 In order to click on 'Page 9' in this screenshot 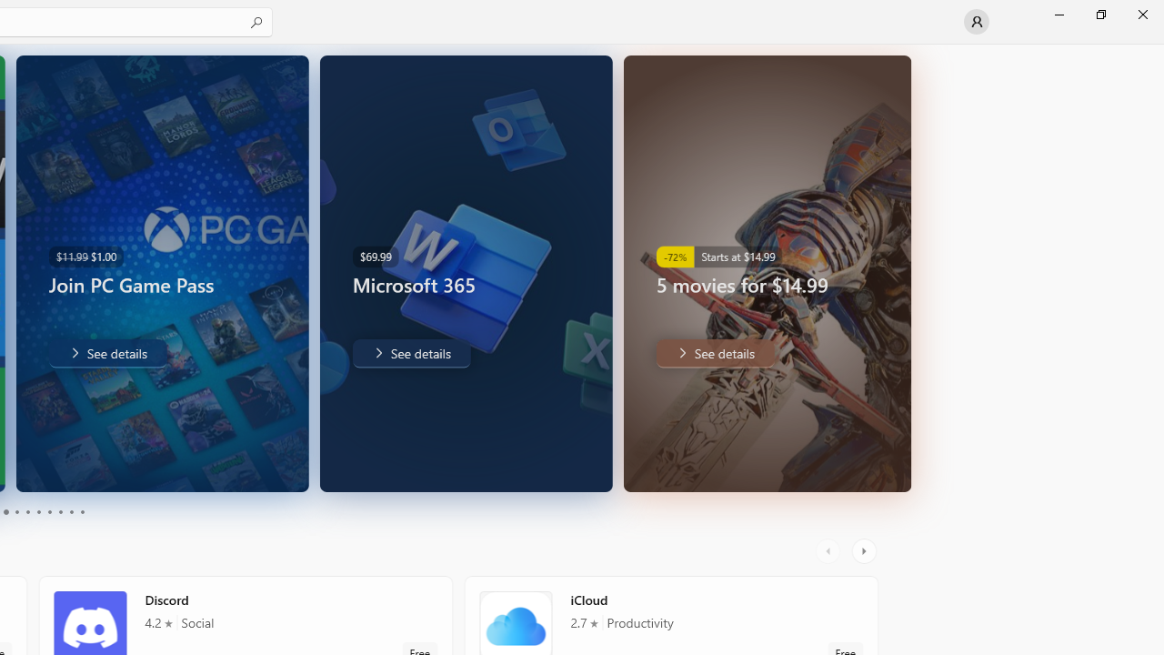, I will do `click(71, 512)`.